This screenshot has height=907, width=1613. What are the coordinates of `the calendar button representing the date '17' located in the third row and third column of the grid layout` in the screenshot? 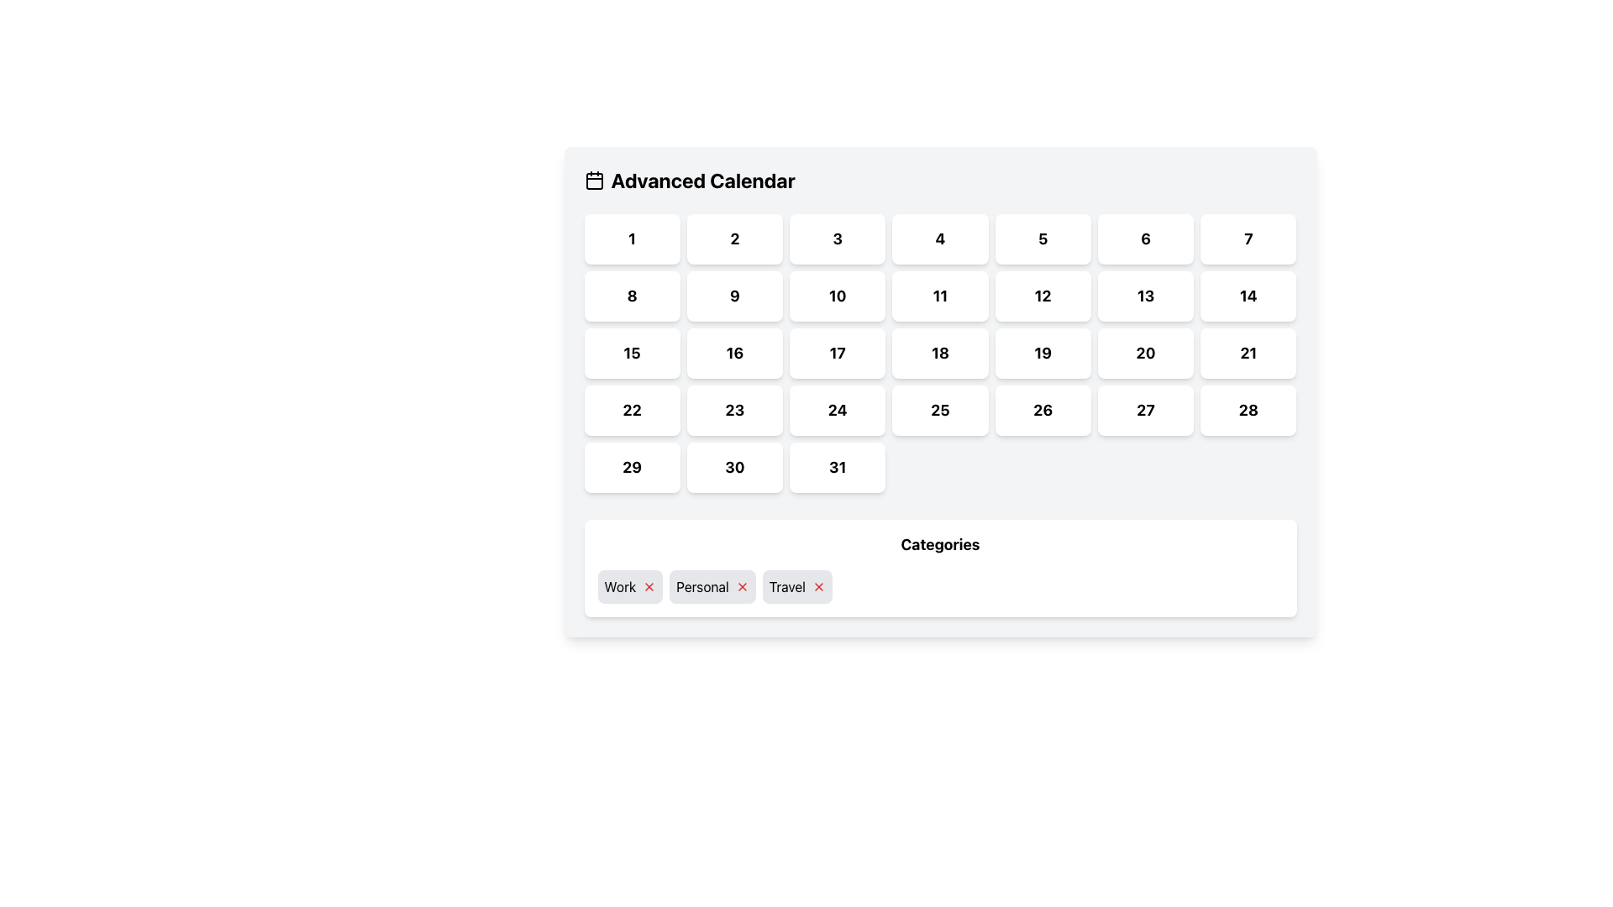 It's located at (838, 352).